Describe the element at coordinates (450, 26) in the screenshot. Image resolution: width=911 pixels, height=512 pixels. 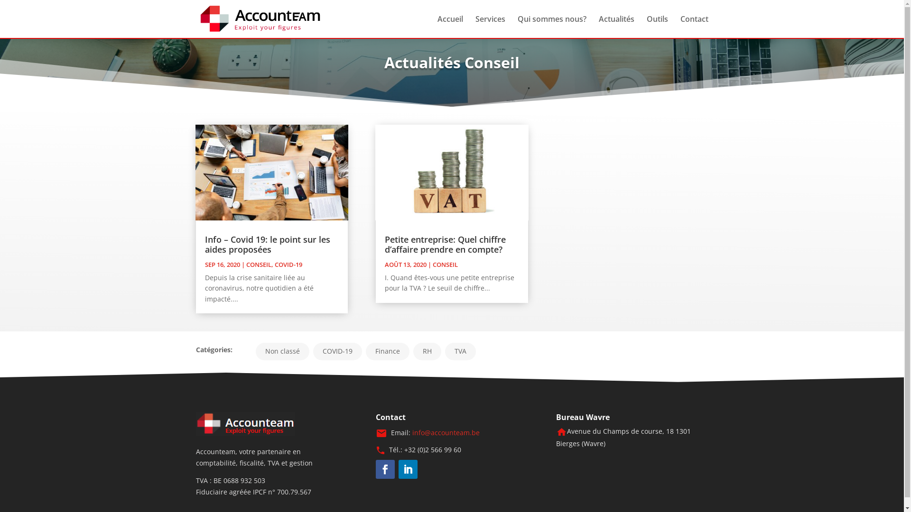
I see `'Accueil'` at that location.